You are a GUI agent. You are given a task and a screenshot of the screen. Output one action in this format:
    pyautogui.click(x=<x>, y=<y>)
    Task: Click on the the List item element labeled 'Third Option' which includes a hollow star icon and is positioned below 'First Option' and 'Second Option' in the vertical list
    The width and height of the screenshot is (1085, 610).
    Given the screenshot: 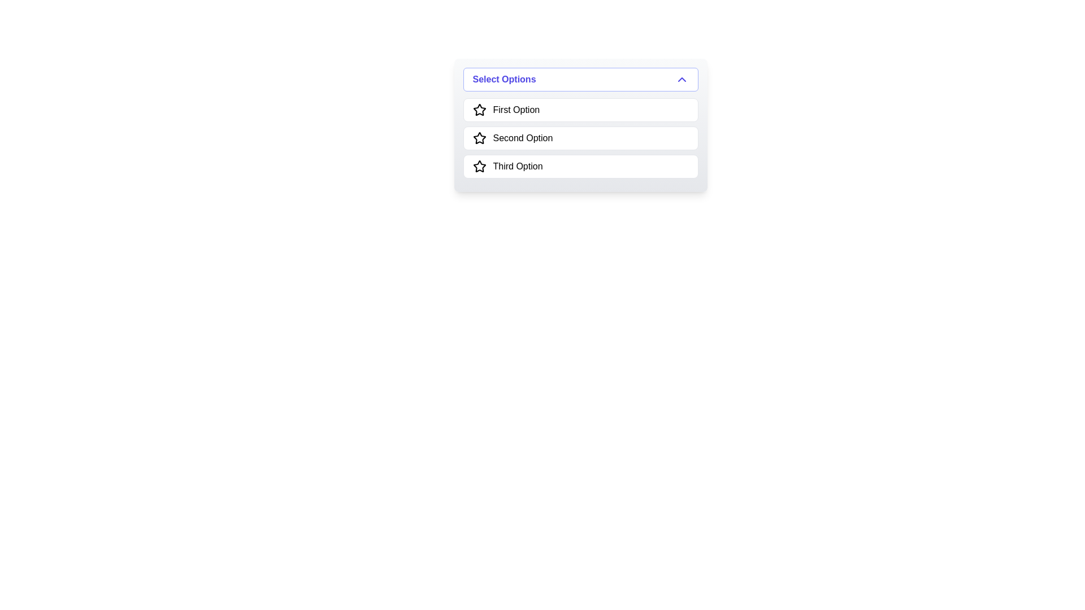 What is the action you would take?
    pyautogui.click(x=507, y=166)
    